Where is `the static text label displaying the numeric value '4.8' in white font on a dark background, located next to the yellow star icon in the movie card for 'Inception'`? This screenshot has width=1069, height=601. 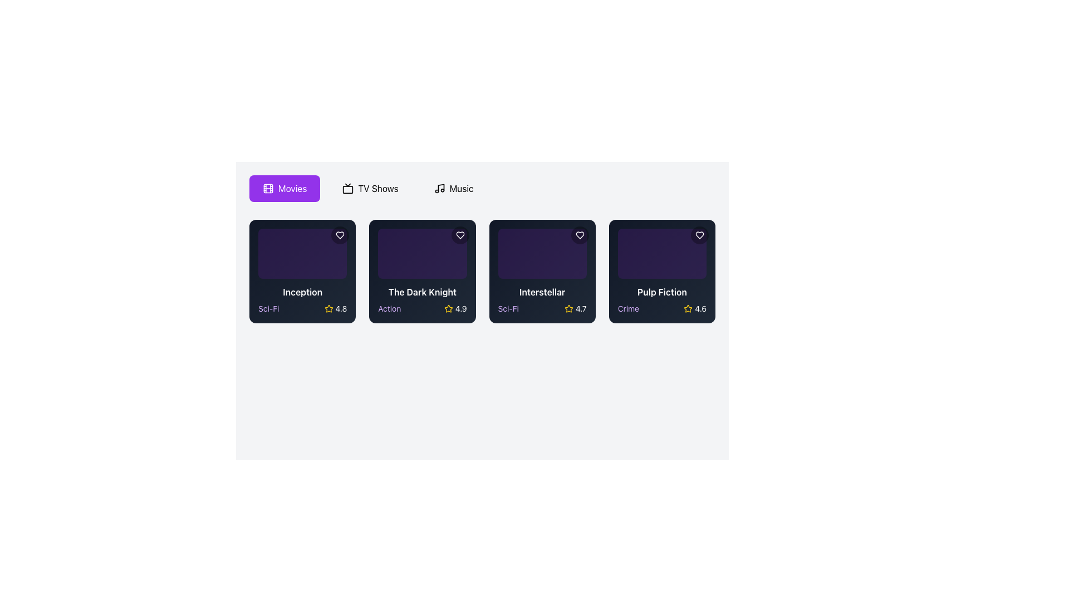
the static text label displaying the numeric value '4.8' in white font on a dark background, located next to the yellow star icon in the movie card for 'Inception' is located at coordinates (340, 308).